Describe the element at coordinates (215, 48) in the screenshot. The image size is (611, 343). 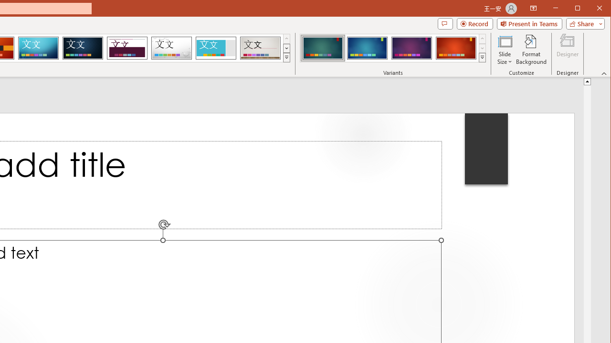
I see `'Frame'` at that location.